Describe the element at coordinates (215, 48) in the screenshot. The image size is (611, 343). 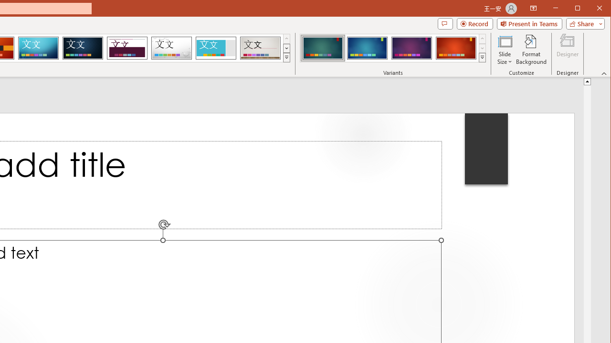
I see `'Frame'` at that location.